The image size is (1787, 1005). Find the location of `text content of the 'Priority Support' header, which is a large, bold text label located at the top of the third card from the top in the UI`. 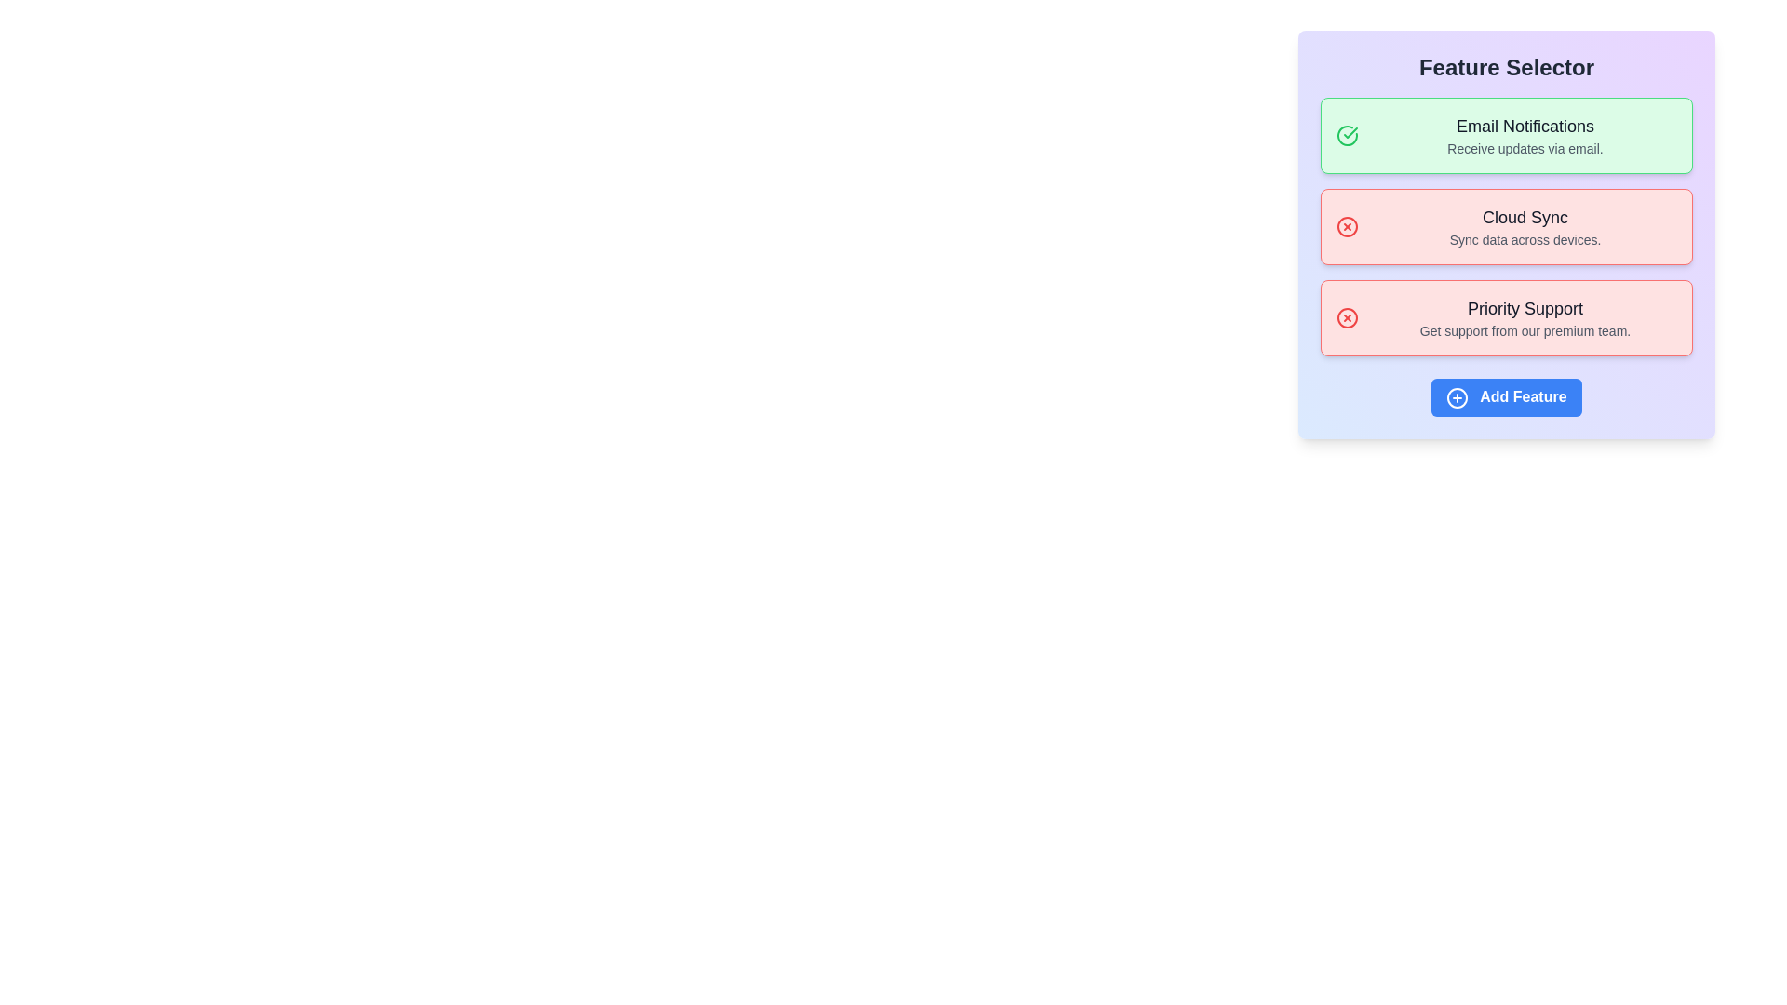

text content of the 'Priority Support' header, which is a large, bold text label located at the top of the third card from the top in the UI is located at coordinates (1525, 307).